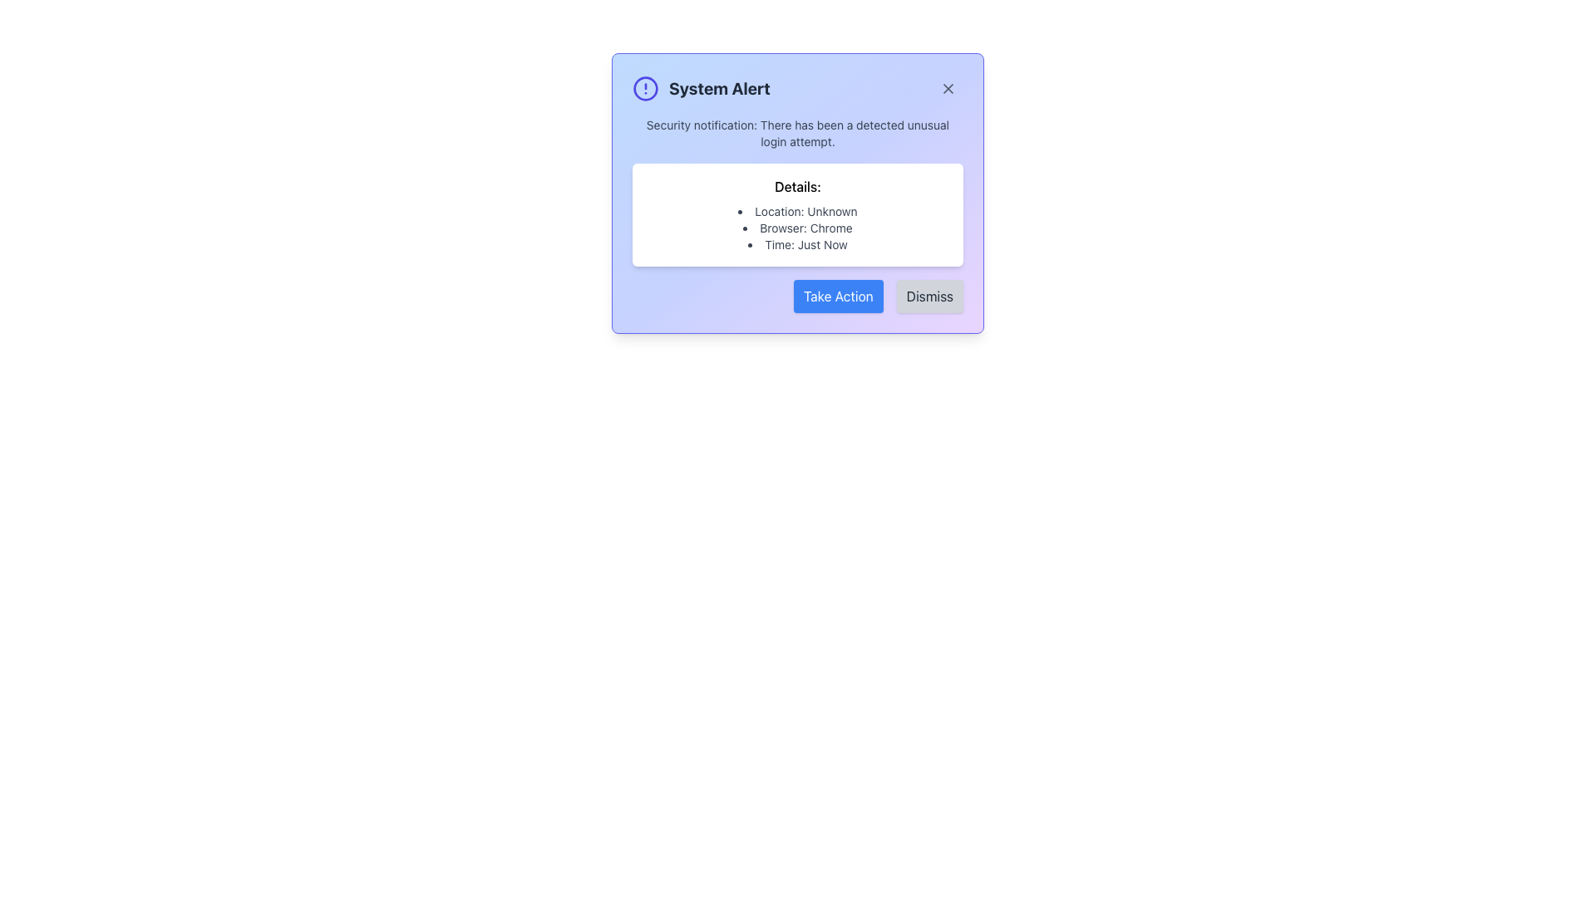 Image resolution: width=1596 pixels, height=897 pixels. I want to click on the close icon located at the top-right of the 'System Alert' dialog box, so click(948, 89).